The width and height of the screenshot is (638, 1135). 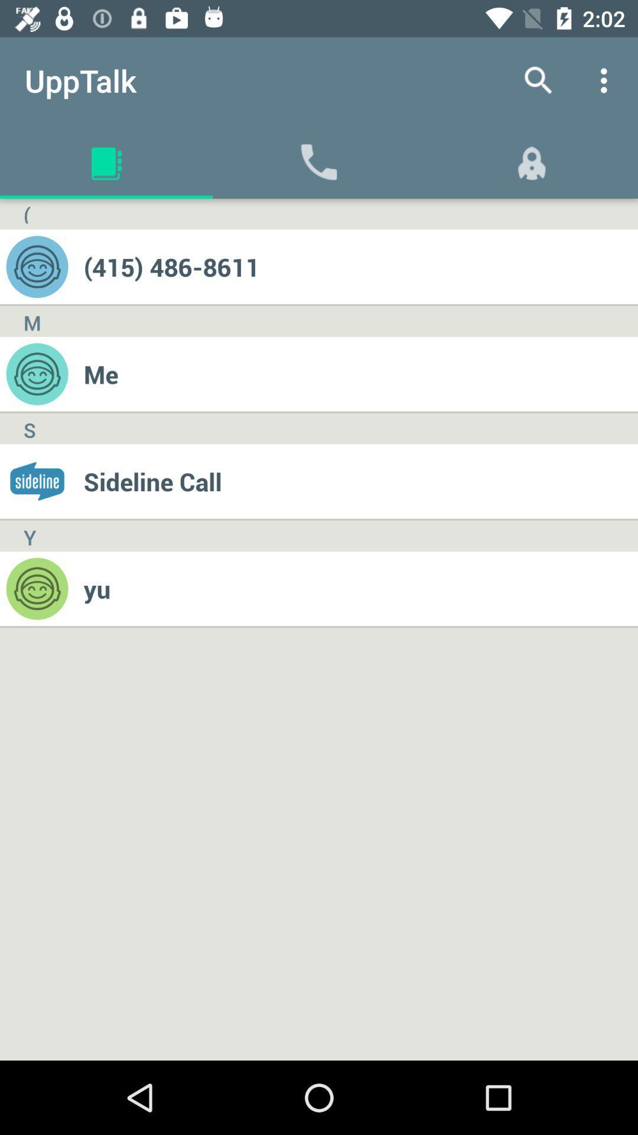 I want to click on the yu, so click(x=360, y=589).